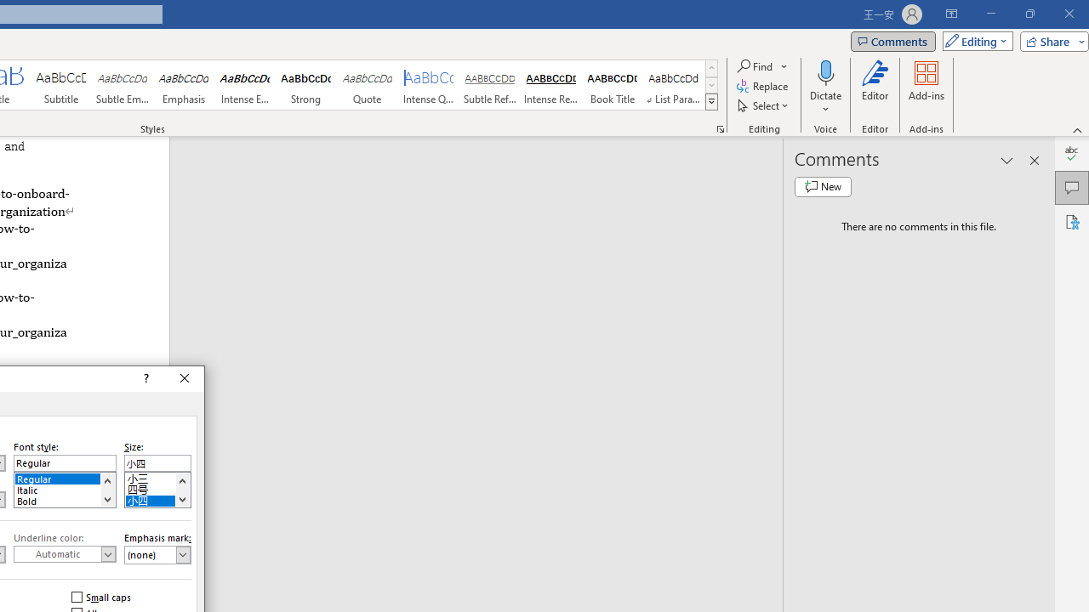 The image size is (1089, 612). I want to click on 'Book Title', so click(613, 85).